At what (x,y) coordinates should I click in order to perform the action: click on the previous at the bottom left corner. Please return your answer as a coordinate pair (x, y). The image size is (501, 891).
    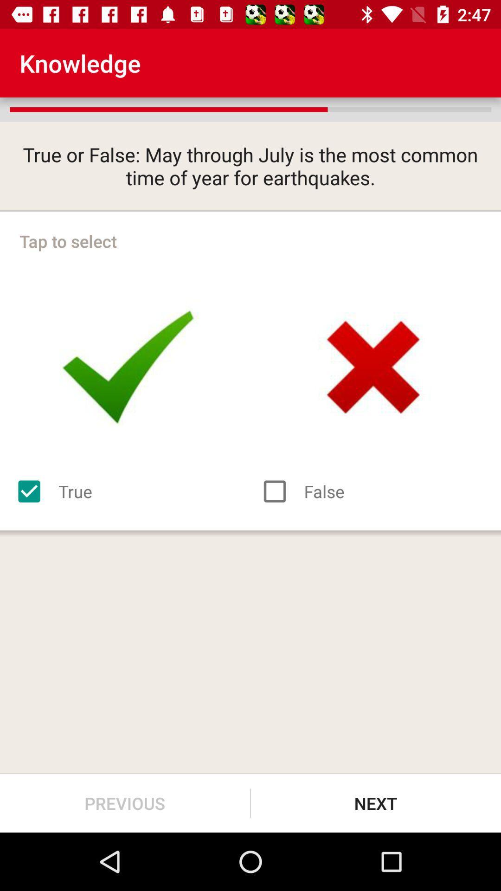
    Looking at the image, I should click on (124, 803).